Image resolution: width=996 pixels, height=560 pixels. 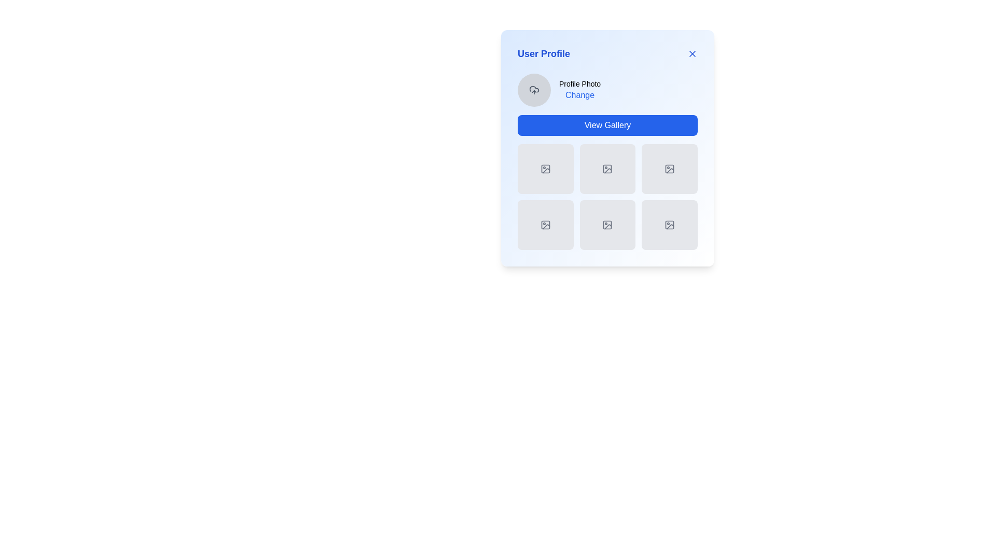 I want to click on the rectangular button with a blue background and white text reading 'View Gallery' to observe the hover effect, so click(x=607, y=125).